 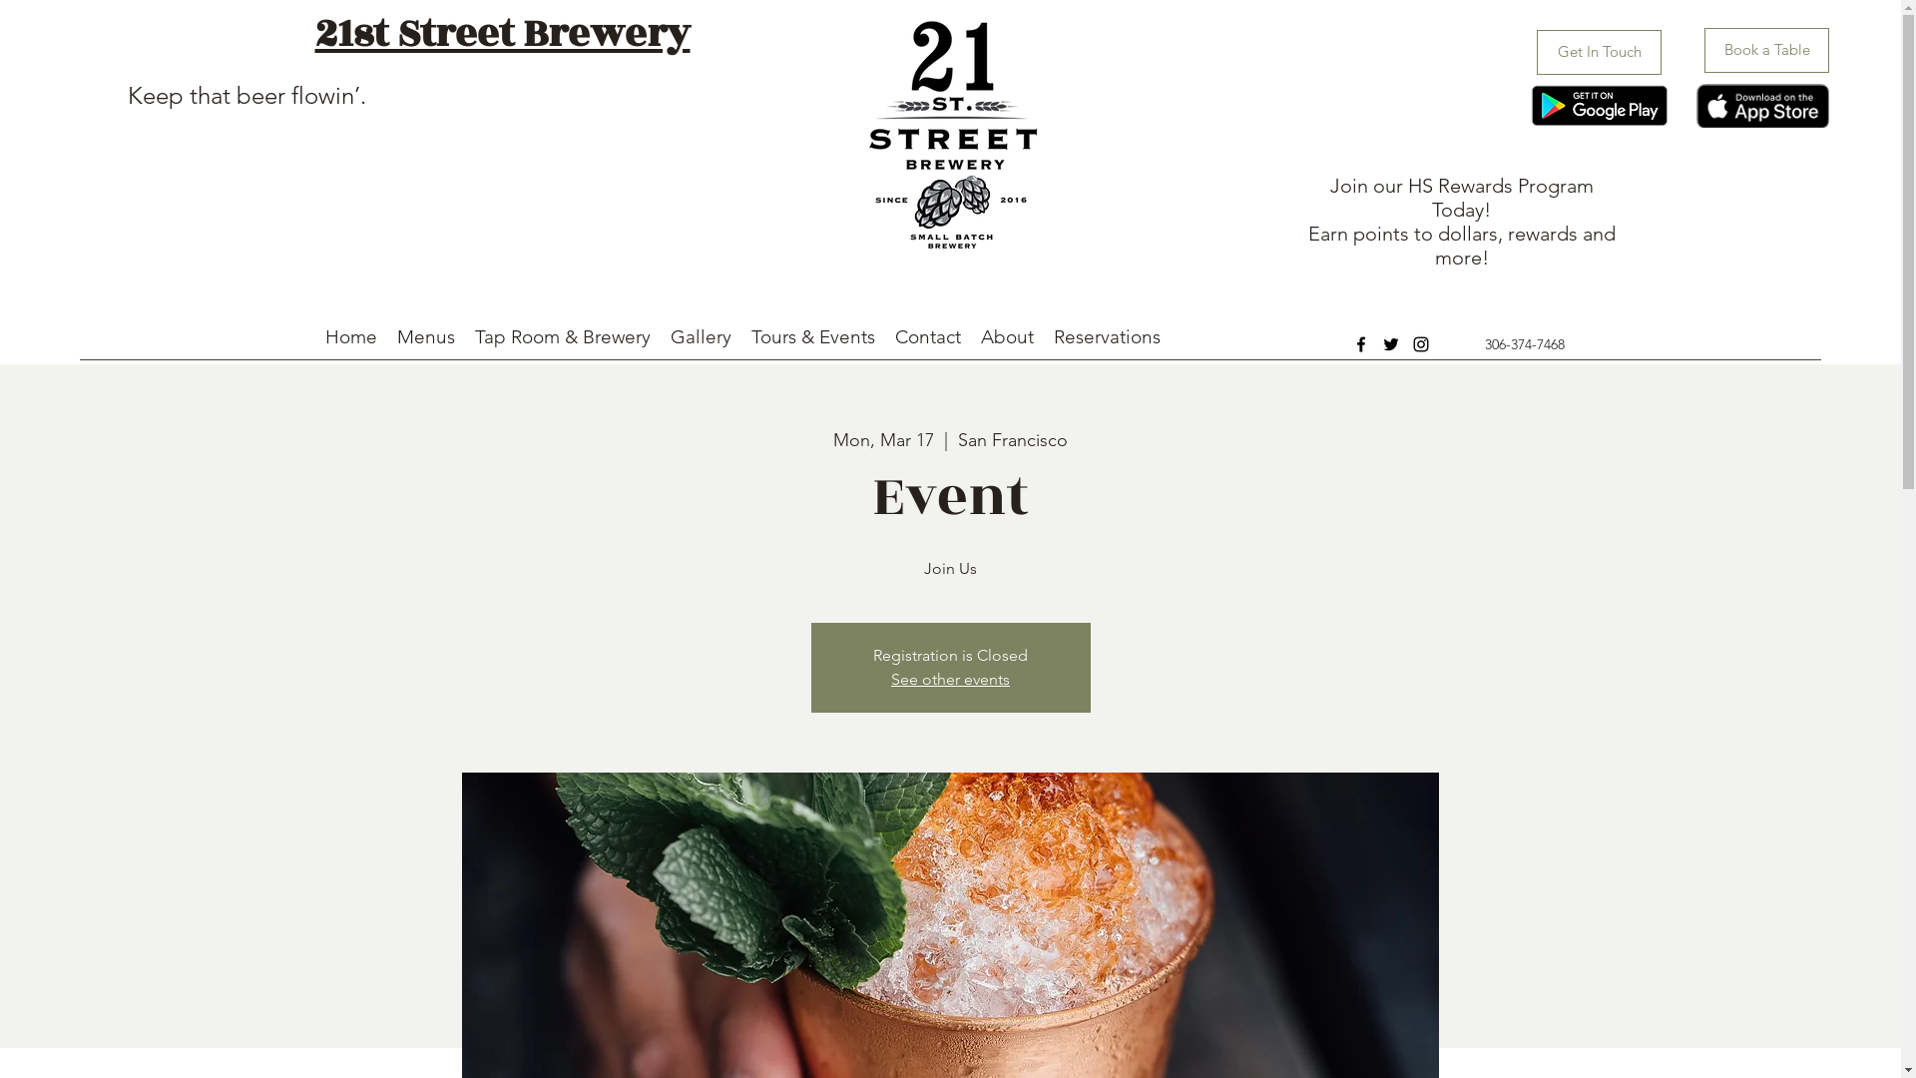 What do you see at coordinates (562, 336) in the screenshot?
I see `'Tap Room & Brewery'` at bounding box center [562, 336].